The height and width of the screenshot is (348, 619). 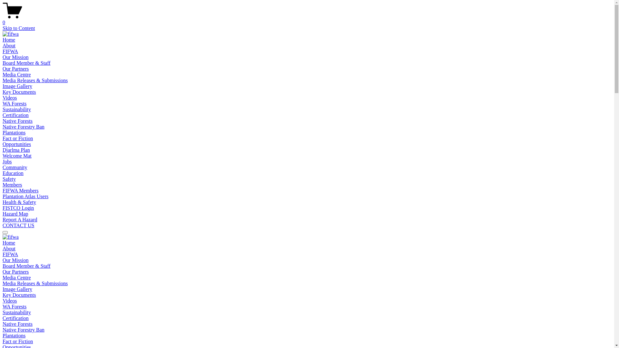 I want to click on 'Our Partners', so click(x=3, y=69).